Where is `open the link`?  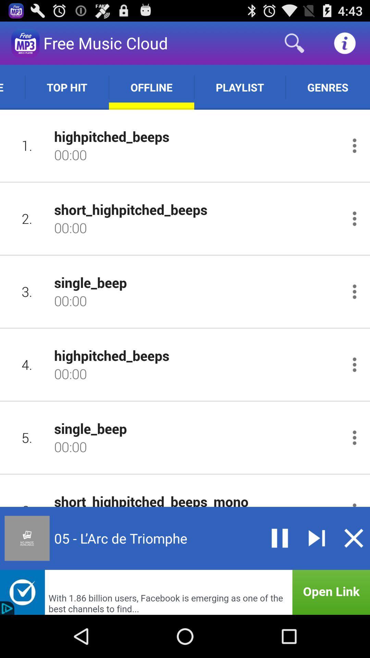
open the link is located at coordinates (185, 592).